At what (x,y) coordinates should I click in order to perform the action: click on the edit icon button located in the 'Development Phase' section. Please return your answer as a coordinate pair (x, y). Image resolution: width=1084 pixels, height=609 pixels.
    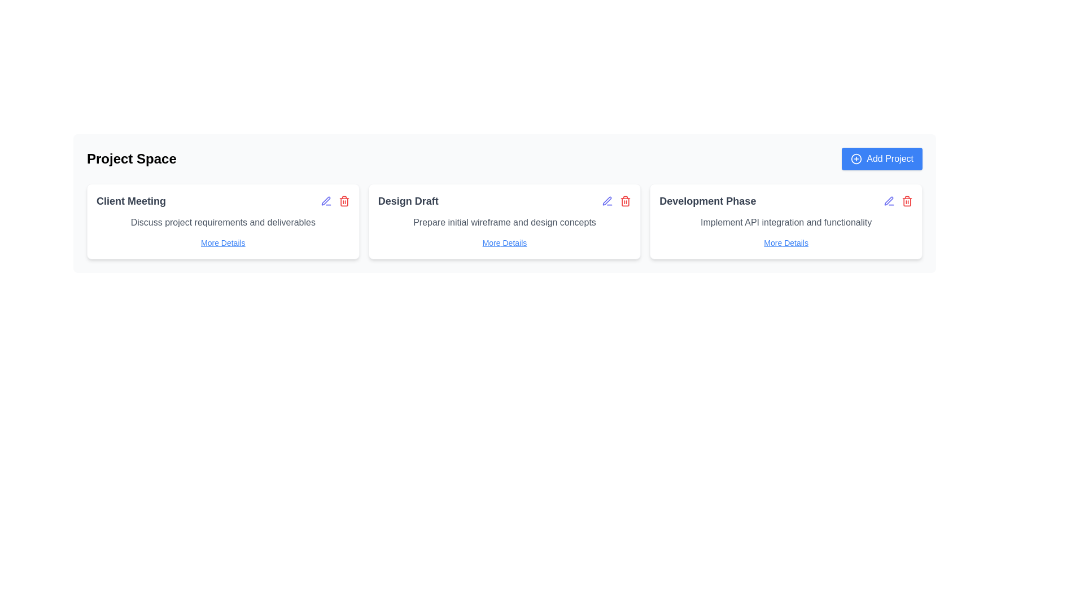
    Looking at the image, I should click on (888, 201).